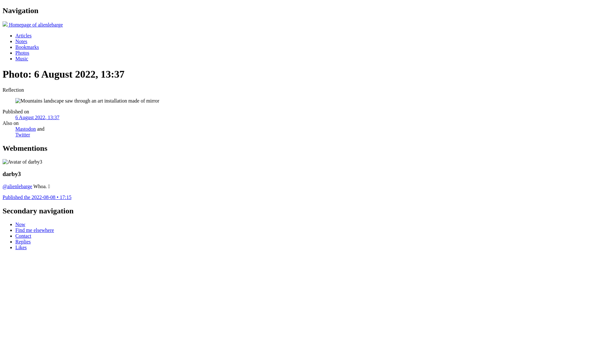 The width and height of the screenshot is (614, 345). Describe the element at coordinates (34, 230) in the screenshot. I see `'Find me elsewhere'` at that location.